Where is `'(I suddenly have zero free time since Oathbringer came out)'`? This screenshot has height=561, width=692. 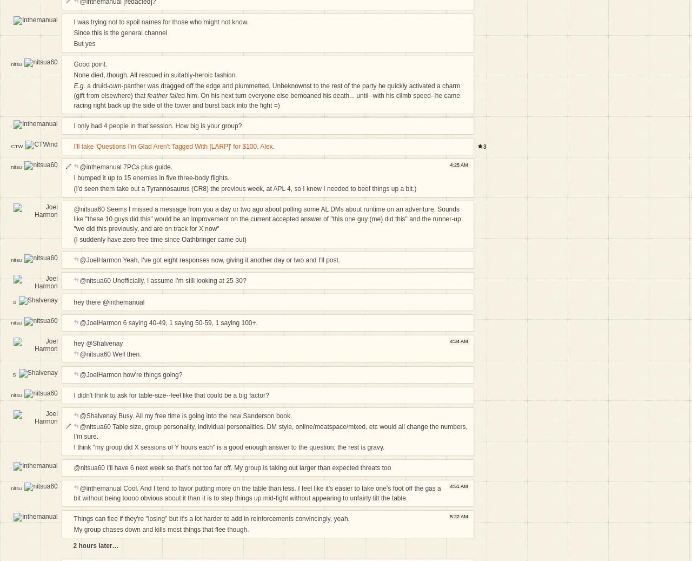 '(I suddenly have zero free time since Oathbringer came out)' is located at coordinates (159, 238).